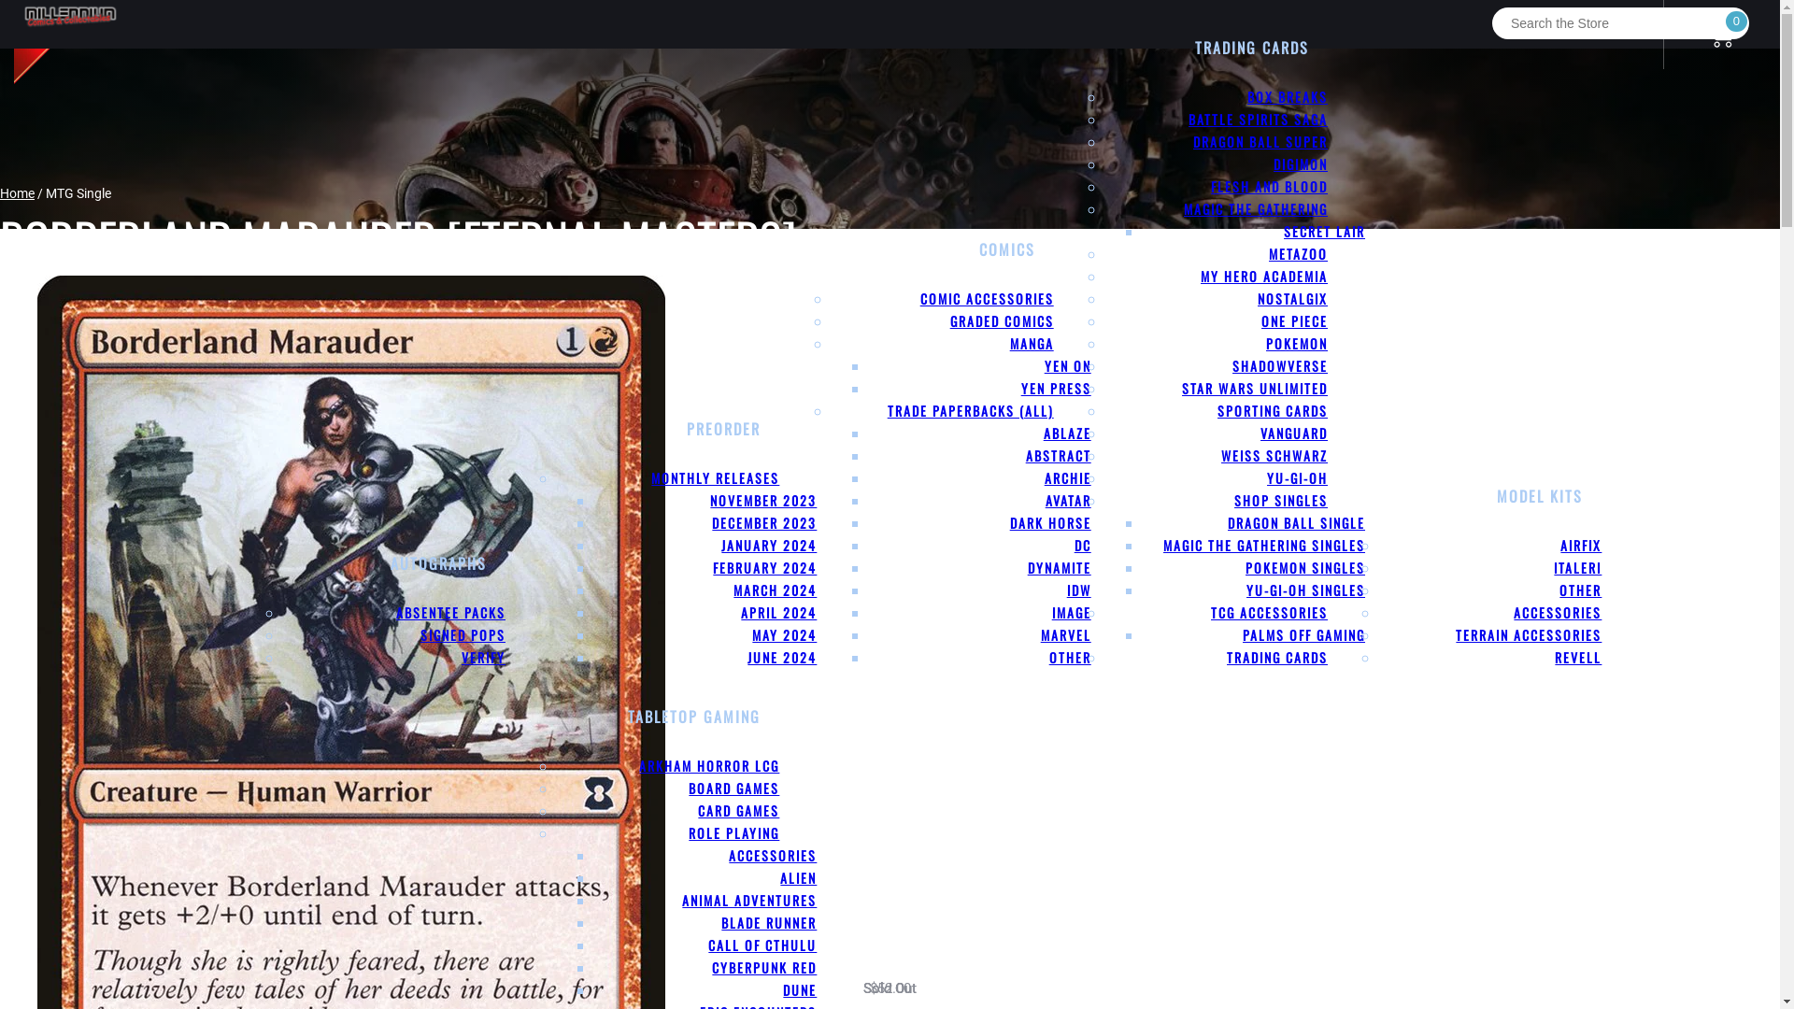 Image resolution: width=1794 pixels, height=1009 pixels. Describe the element at coordinates (775, 590) in the screenshot. I see `'MARCH 2024'` at that location.